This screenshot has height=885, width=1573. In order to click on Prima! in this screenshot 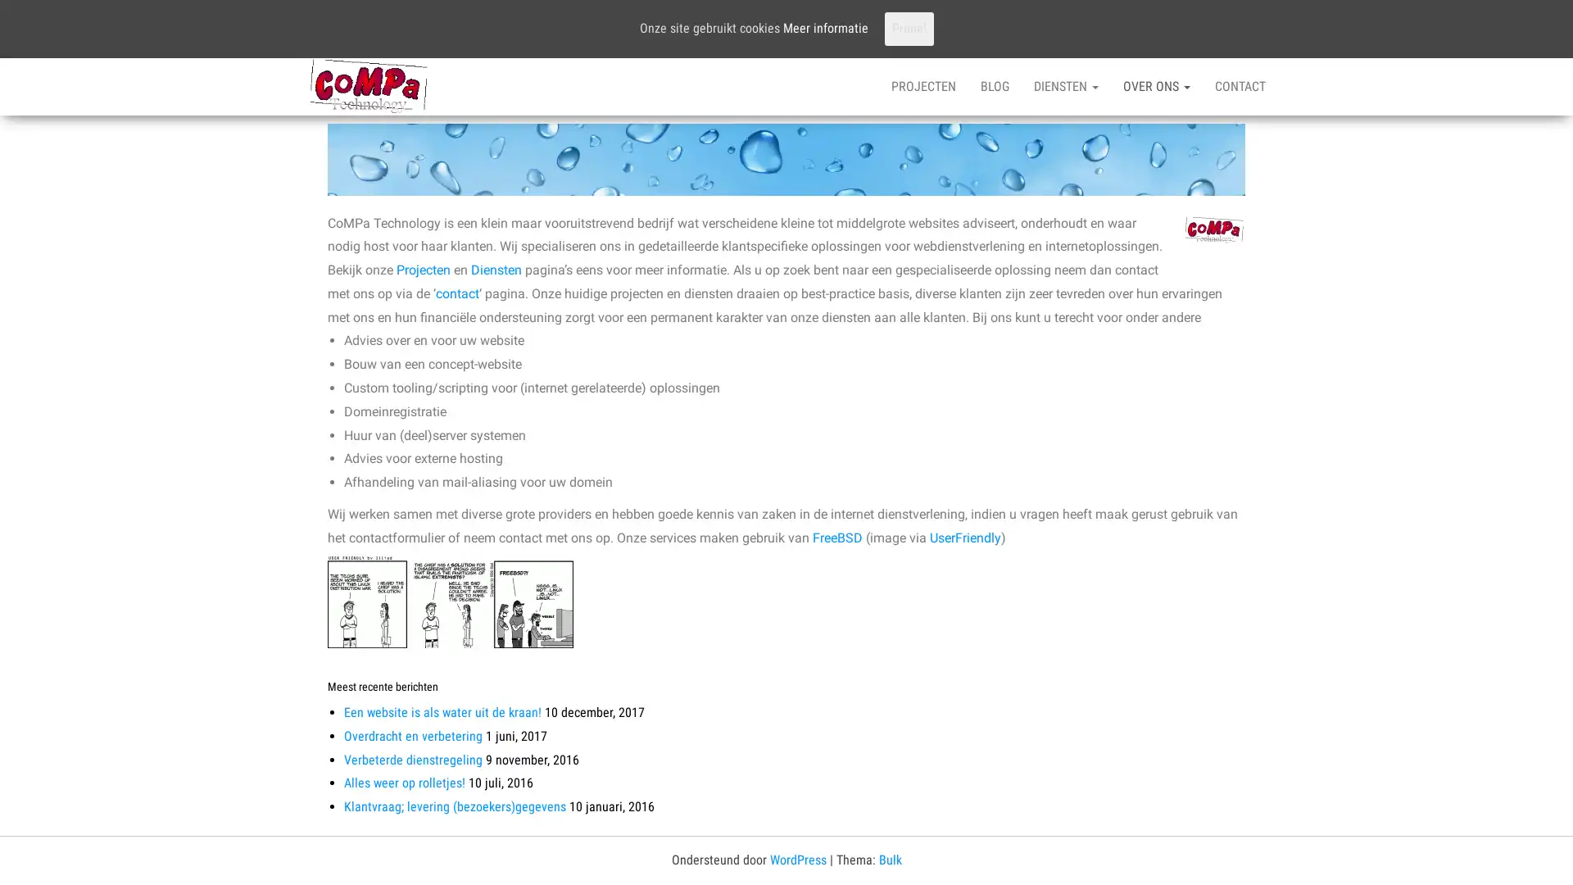, I will do `click(907, 28)`.